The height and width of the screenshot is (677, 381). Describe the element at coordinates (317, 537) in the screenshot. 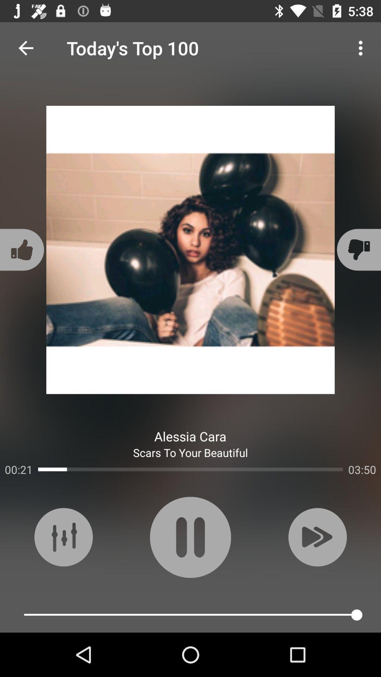

I see `the icon below the 03:50 item` at that location.